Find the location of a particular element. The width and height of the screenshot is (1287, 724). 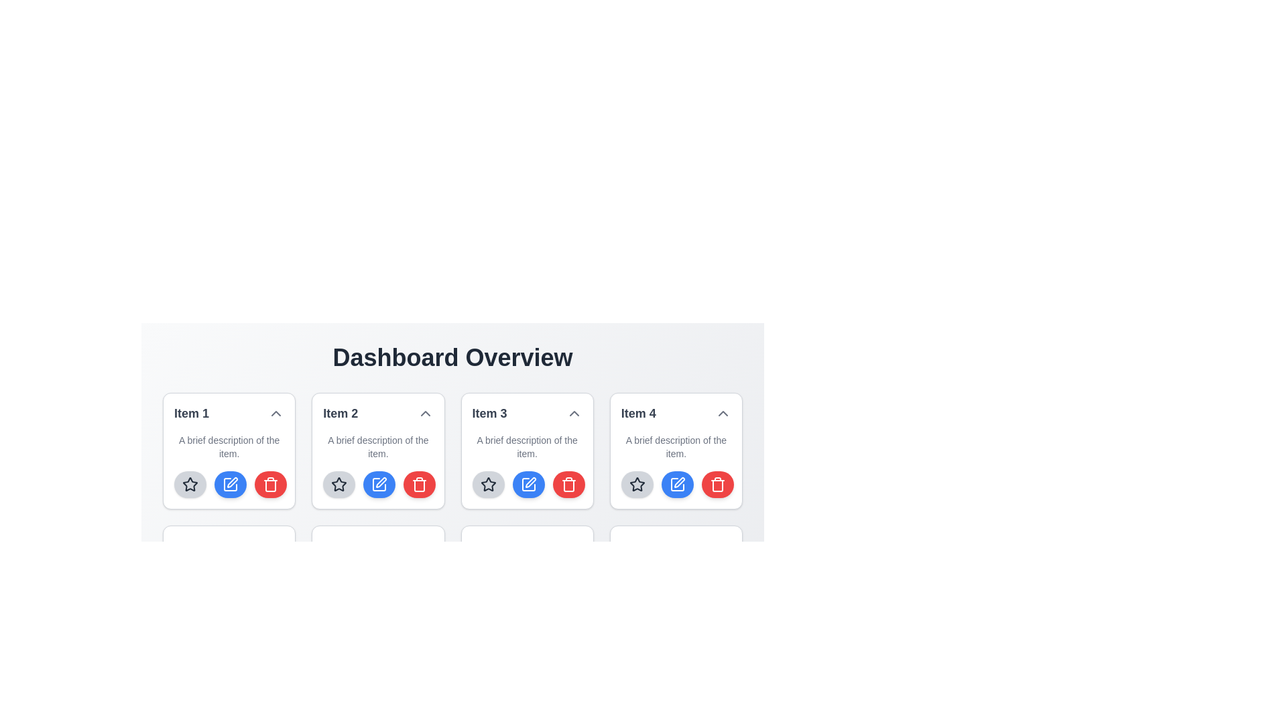

the edit button for Item 4, located in the Dashboard Overview section, which is the second button in the action group flanked by a star icon on the left and a trash icon on the right is located at coordinates (677, 484).